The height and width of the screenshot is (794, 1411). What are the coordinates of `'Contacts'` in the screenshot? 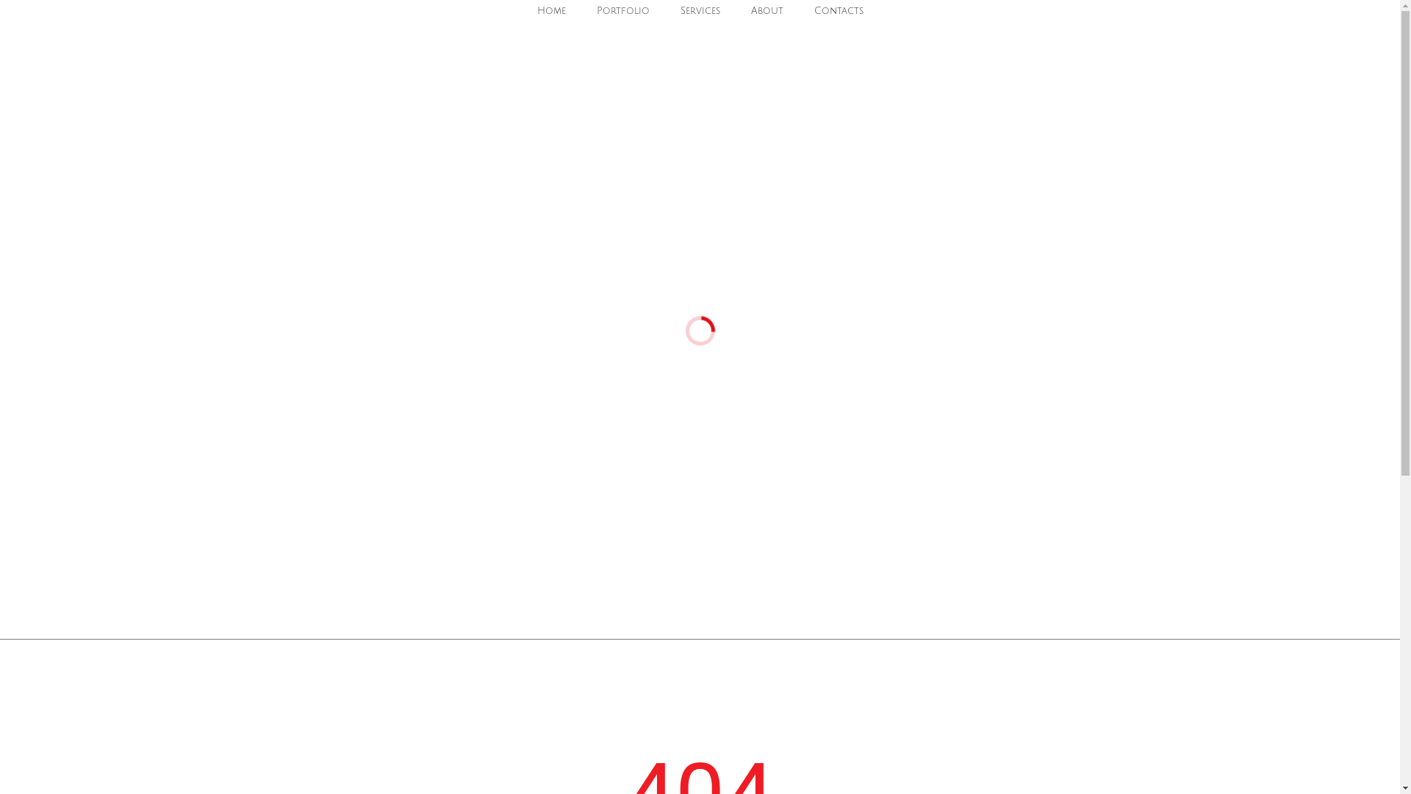 It's located at (839, 11).